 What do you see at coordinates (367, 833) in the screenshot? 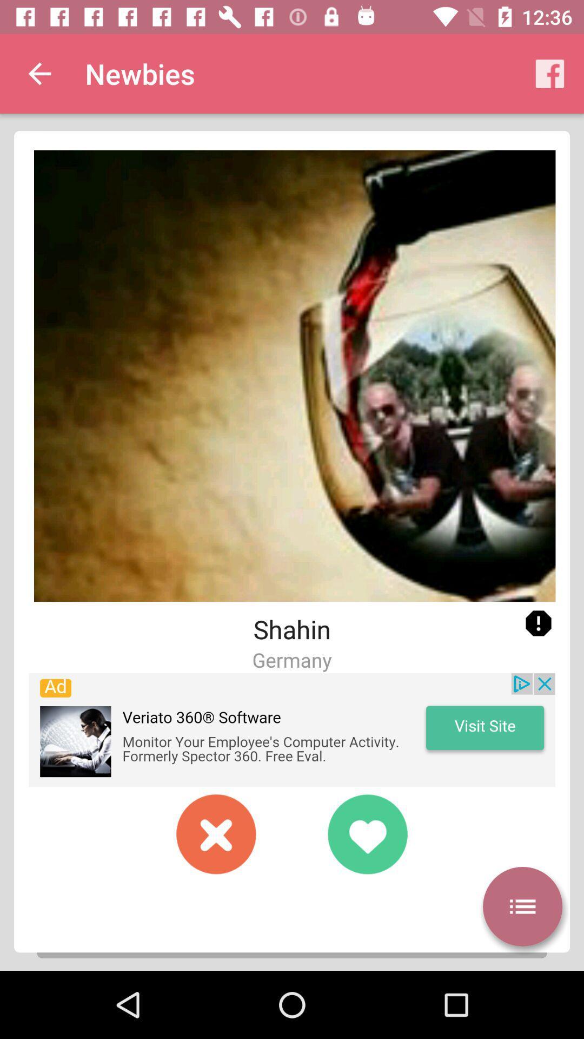
I see `favorite option` at bounding box center [367, 833].